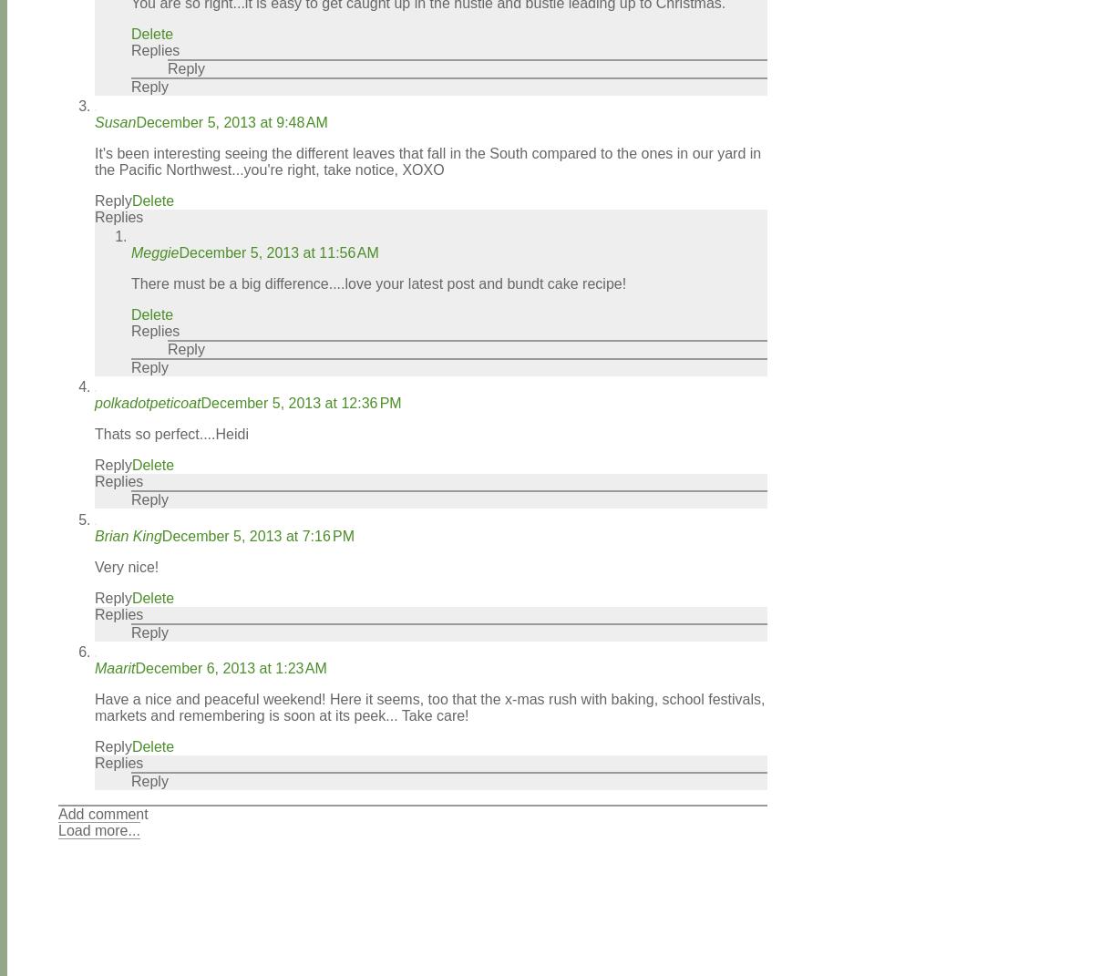 The width and height of the screenshot is (1101, 976). What do you see at coordinates (94, 403) in the screenshot?
I see `'polkadotpeticoat'` at bounding box center [94, 403].